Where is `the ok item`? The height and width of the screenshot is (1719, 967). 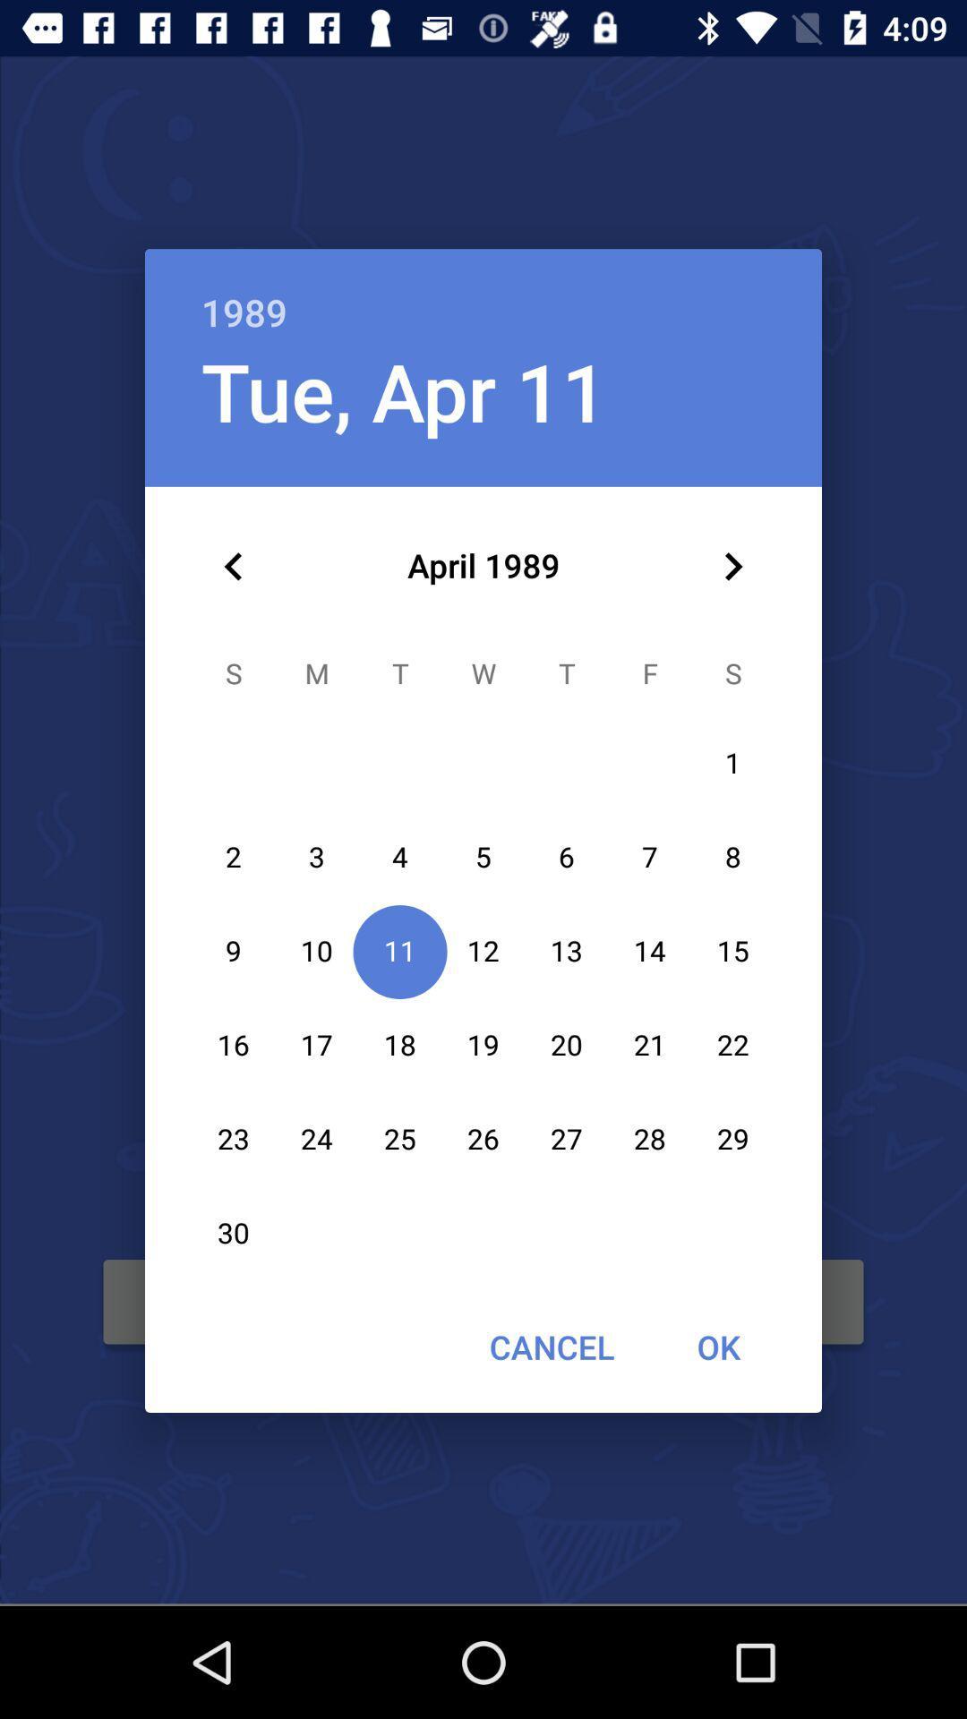
the ok item is located at coordinates (717, 1347).